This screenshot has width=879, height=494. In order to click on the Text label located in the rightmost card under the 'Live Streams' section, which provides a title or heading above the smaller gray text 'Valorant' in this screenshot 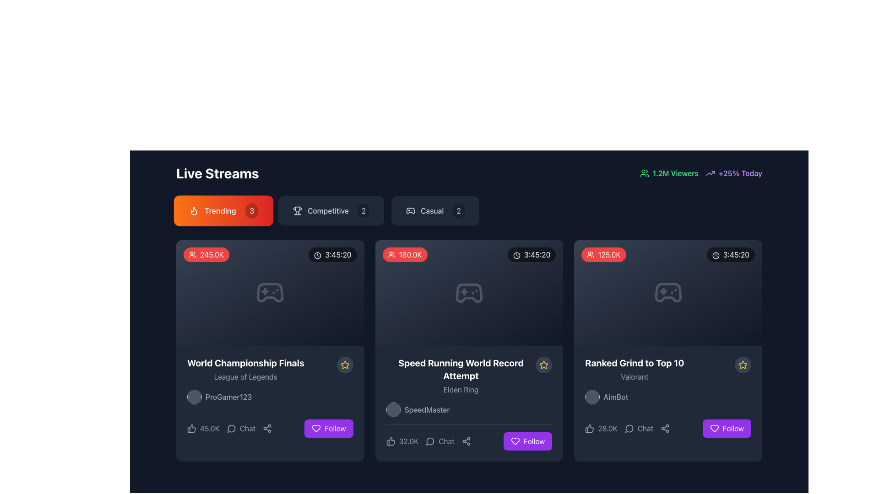, I will do `click(634, 363)`.